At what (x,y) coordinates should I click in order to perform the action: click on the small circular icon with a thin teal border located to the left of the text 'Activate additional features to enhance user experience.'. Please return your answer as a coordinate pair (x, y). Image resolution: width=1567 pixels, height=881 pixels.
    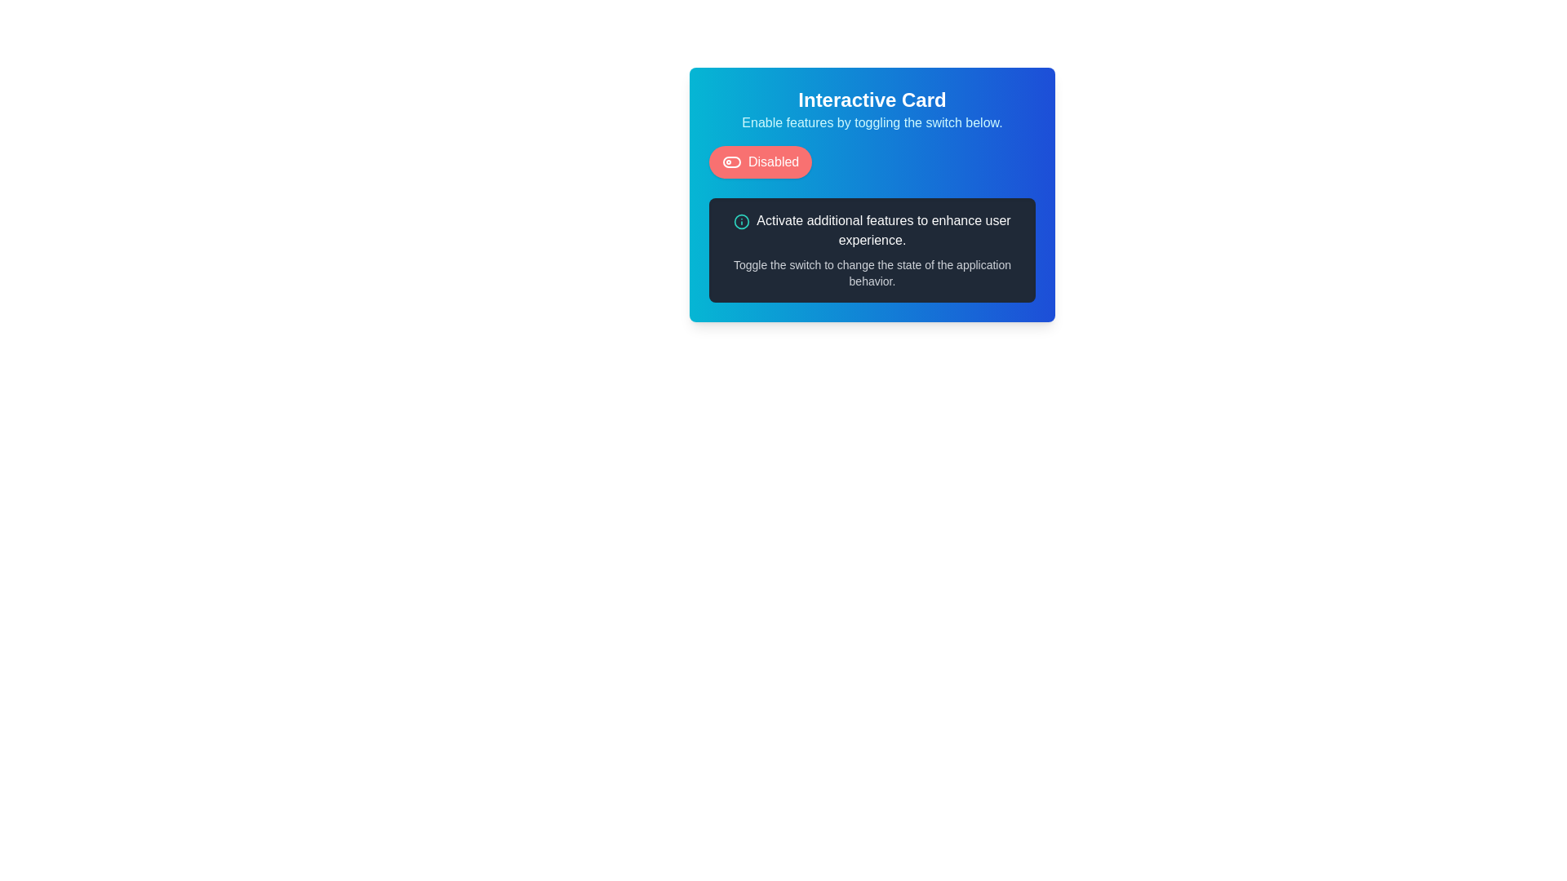
    Looking at the image, I should click on (741, 221).